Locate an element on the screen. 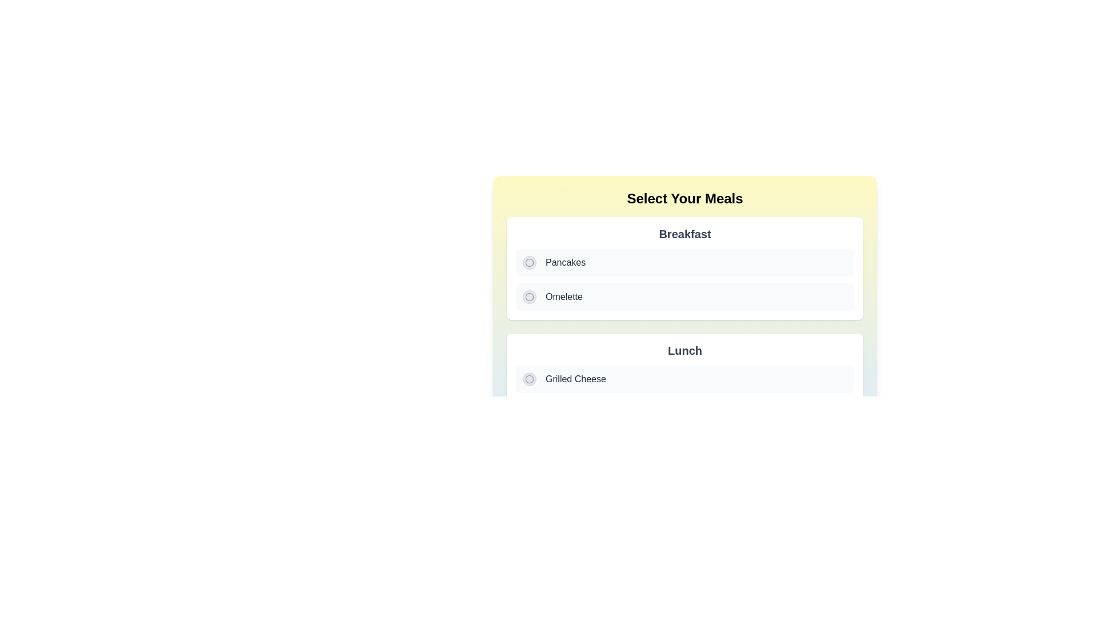 This screenshot has width=1097, height=617. the unselected radio button for the 'Pancakes' option in the 'Breakfast' section is located at coordinates (529, 262).